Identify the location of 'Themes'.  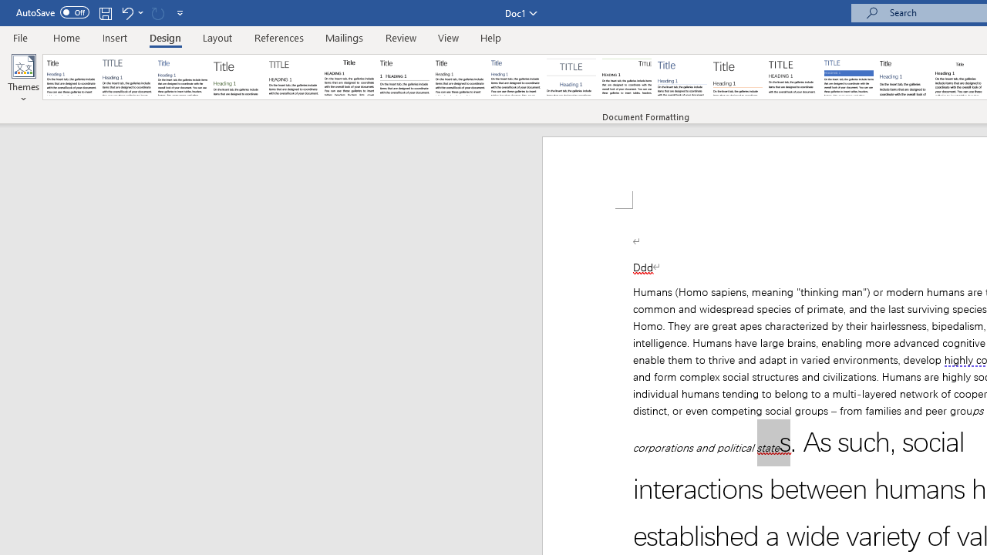
(23, 79).